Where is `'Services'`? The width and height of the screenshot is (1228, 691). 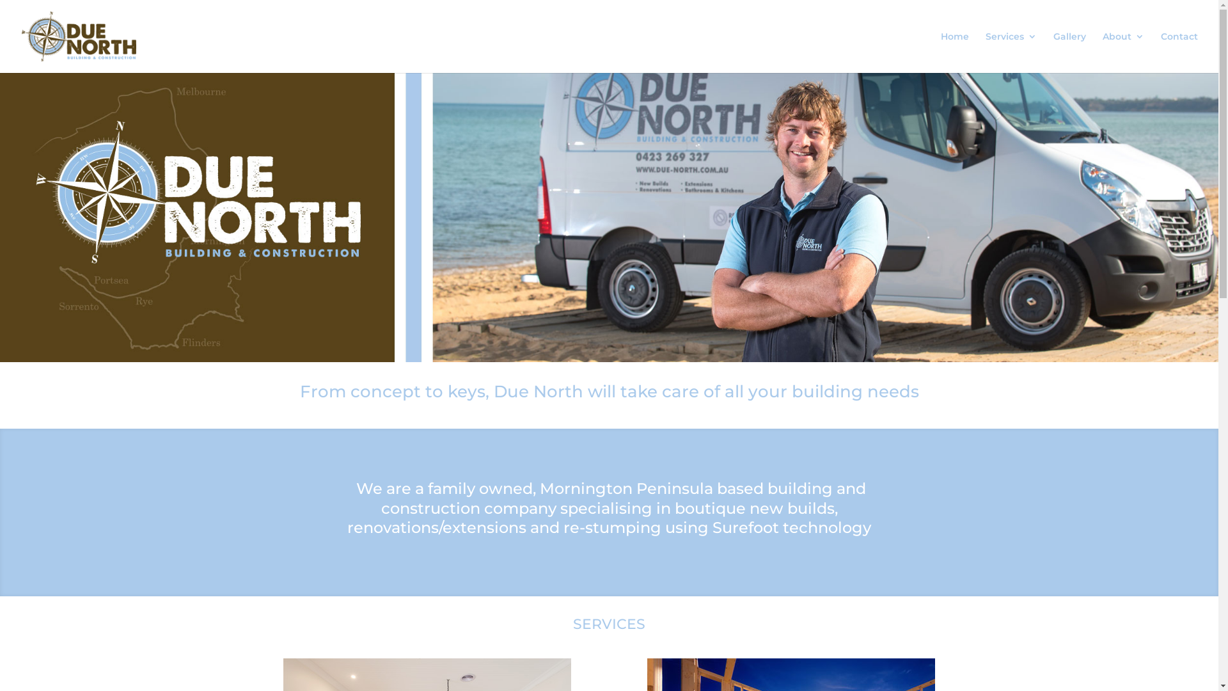
'Services' is located at coordinates (1010, 51).